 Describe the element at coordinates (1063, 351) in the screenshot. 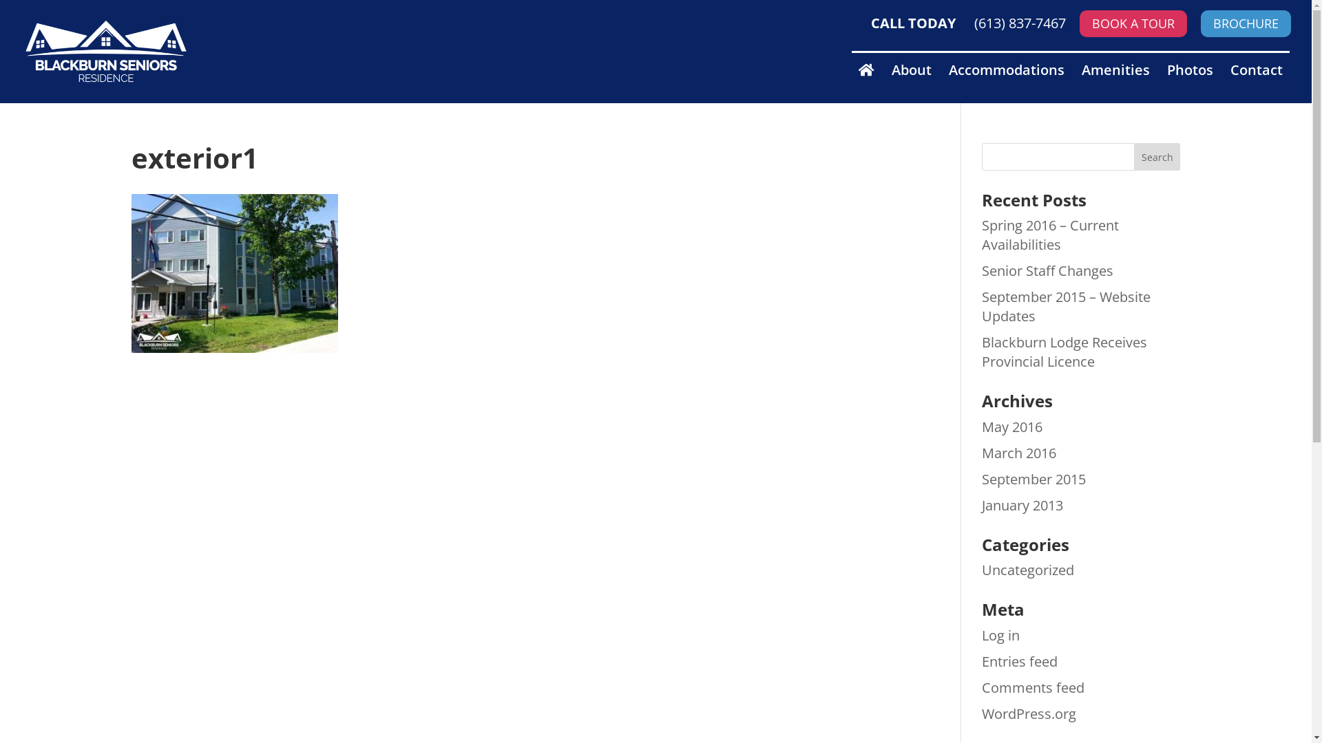

I see `'Blackburn Lodge Receives Provincial Licence'` at that location.